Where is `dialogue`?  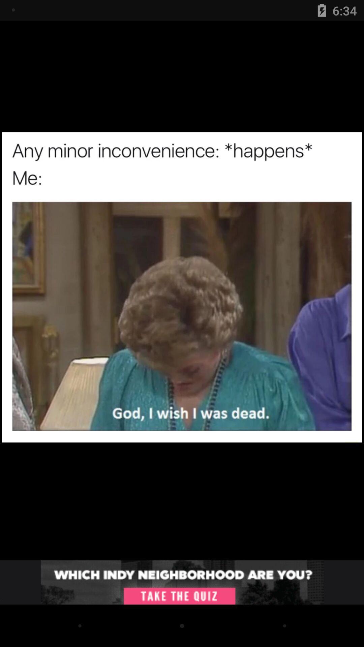 dialogue is located at coordinates (182, 582).